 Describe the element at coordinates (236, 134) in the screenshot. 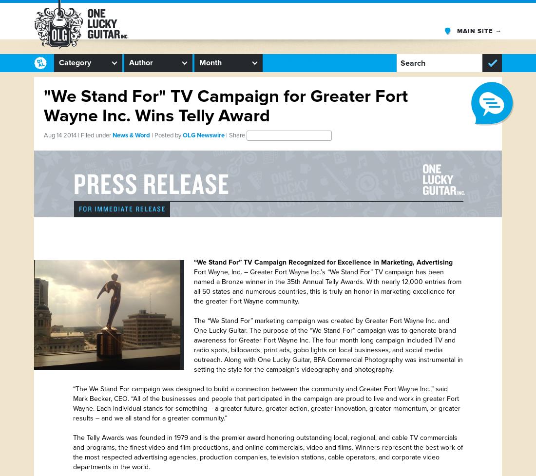

I see `'|
						Share'` at that location.